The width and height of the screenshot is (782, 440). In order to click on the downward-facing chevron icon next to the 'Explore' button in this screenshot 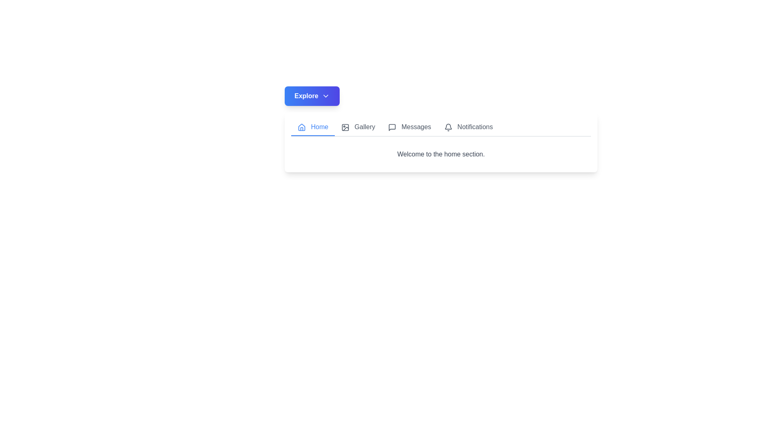, I will do `click(325, 95)`.